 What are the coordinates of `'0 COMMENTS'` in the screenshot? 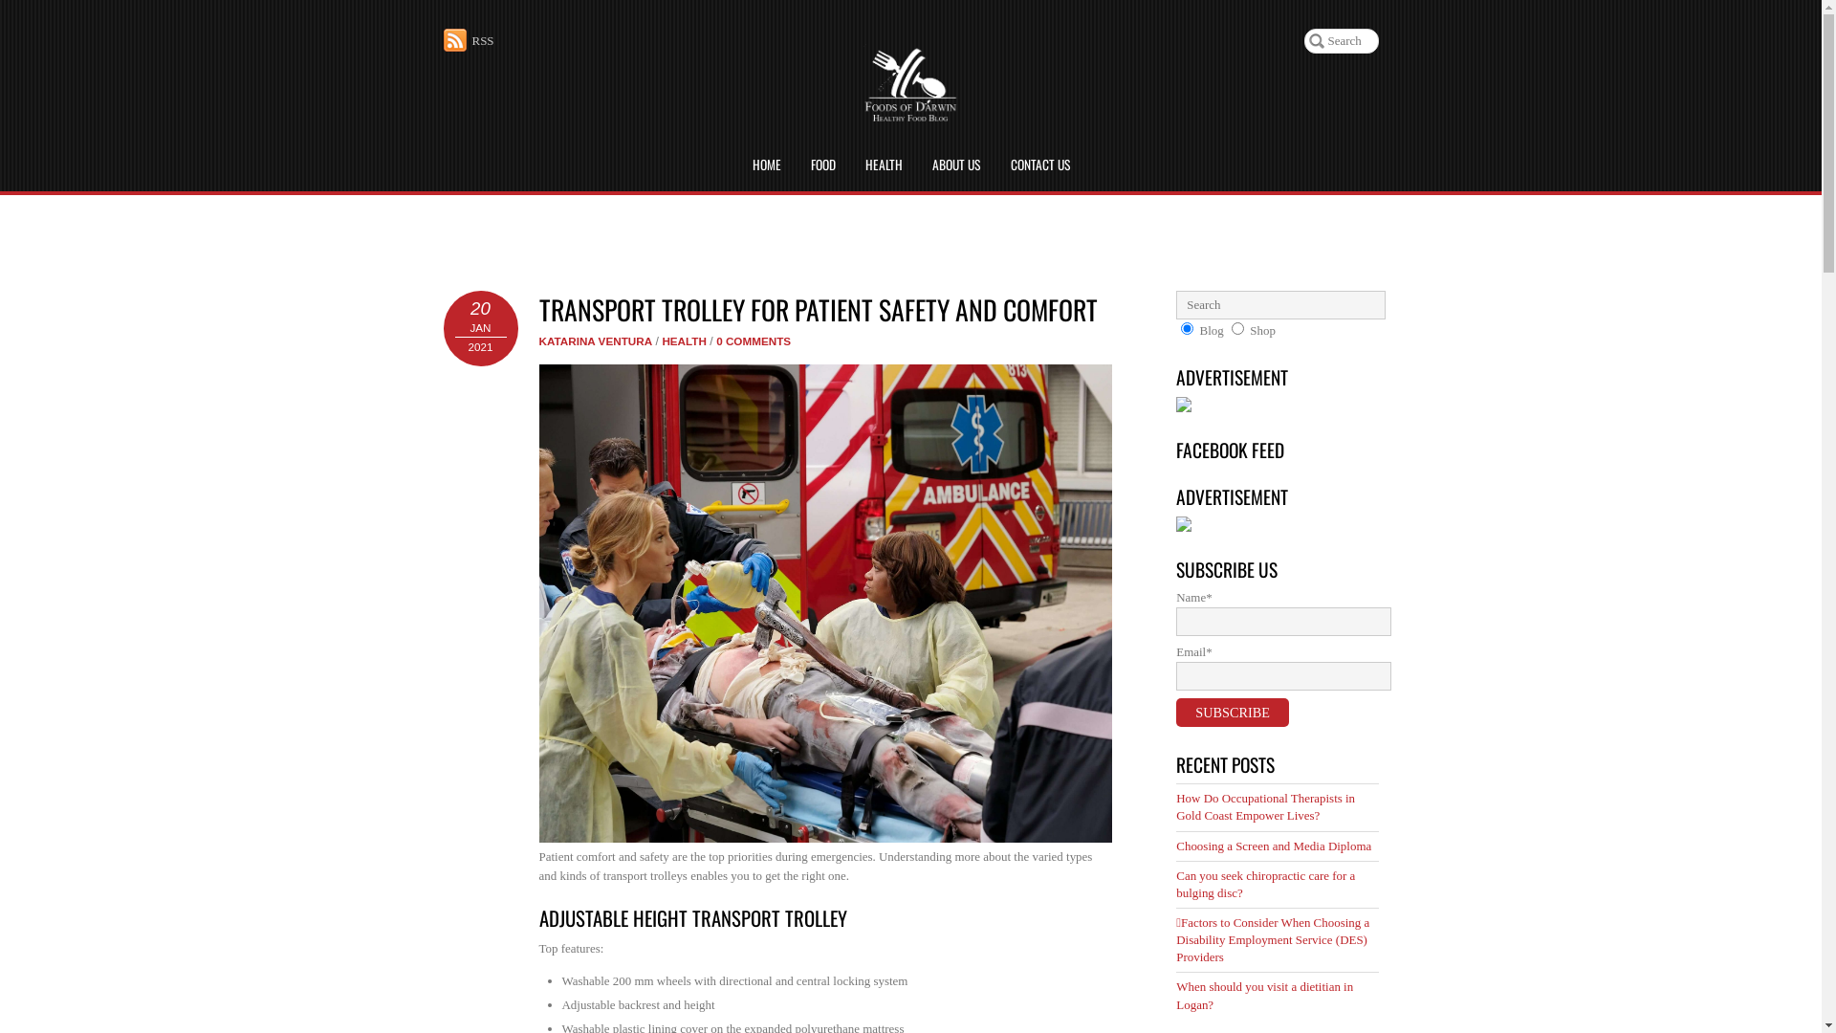 It's located at (752, 340).